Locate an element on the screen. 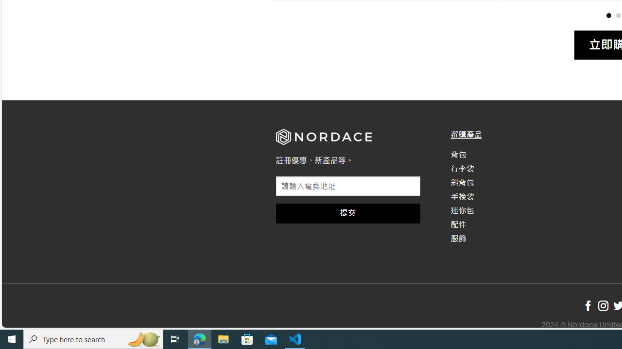 The image size is (622, 349). 'Page dot 1' is located at coordinates (608, 15).